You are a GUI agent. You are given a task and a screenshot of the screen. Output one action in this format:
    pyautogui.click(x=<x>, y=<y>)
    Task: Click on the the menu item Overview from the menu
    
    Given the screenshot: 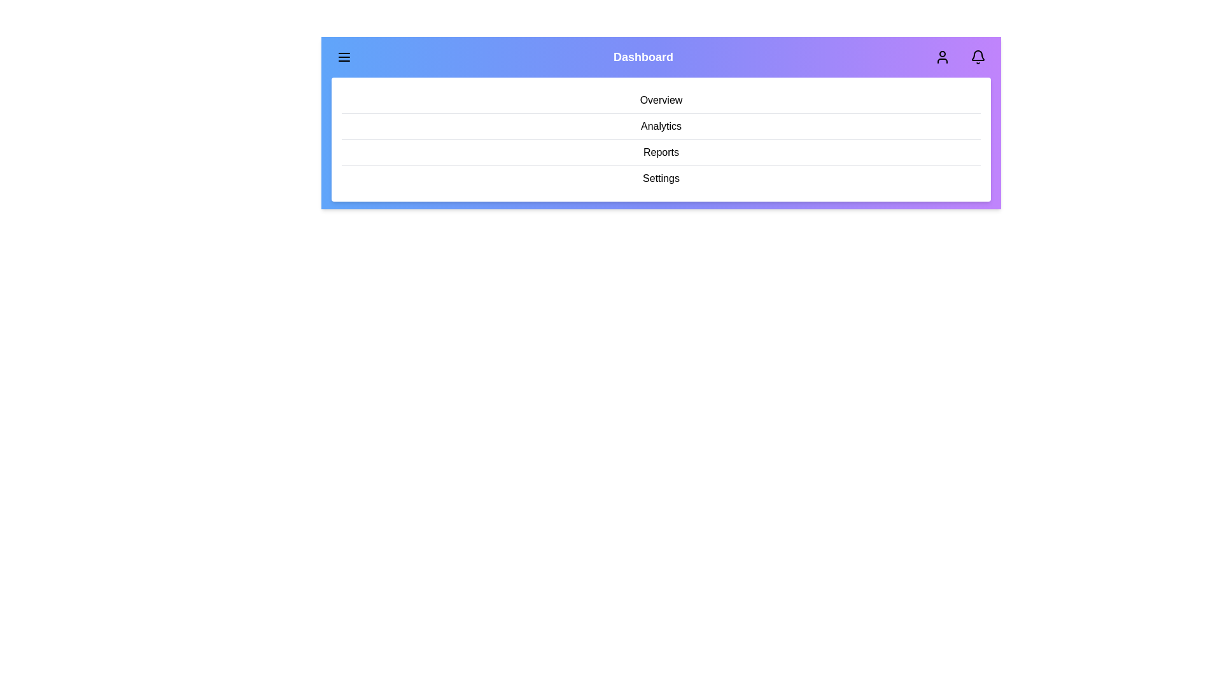 What is the action you would take?
    pyautogui.click(x=661, y=100)
    